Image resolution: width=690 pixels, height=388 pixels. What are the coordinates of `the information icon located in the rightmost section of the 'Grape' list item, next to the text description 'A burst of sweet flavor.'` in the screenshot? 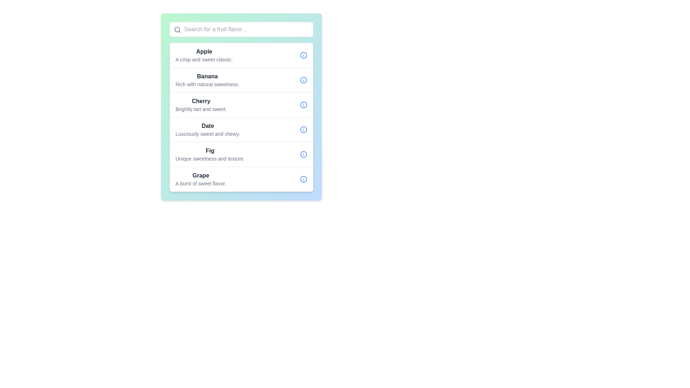 It's located at (303, 179).